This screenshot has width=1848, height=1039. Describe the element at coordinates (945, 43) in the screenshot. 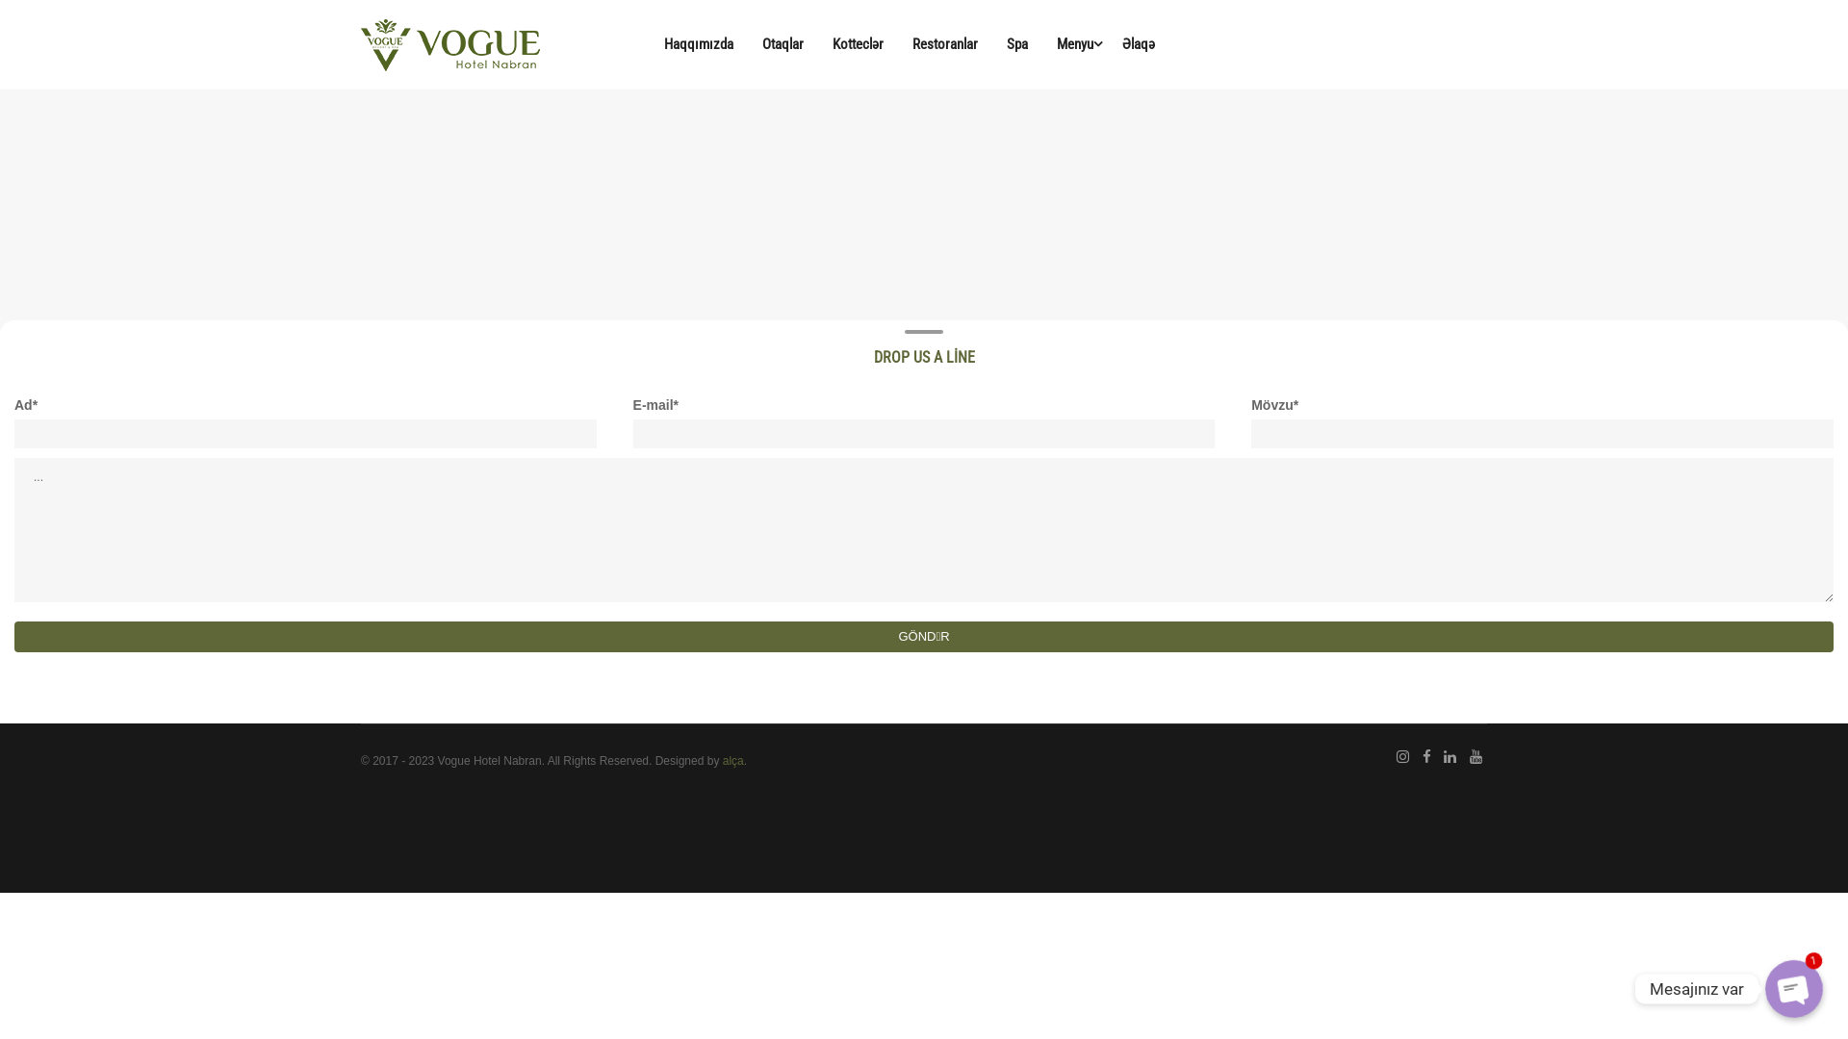

I see `'Restoranlar'` at that location.